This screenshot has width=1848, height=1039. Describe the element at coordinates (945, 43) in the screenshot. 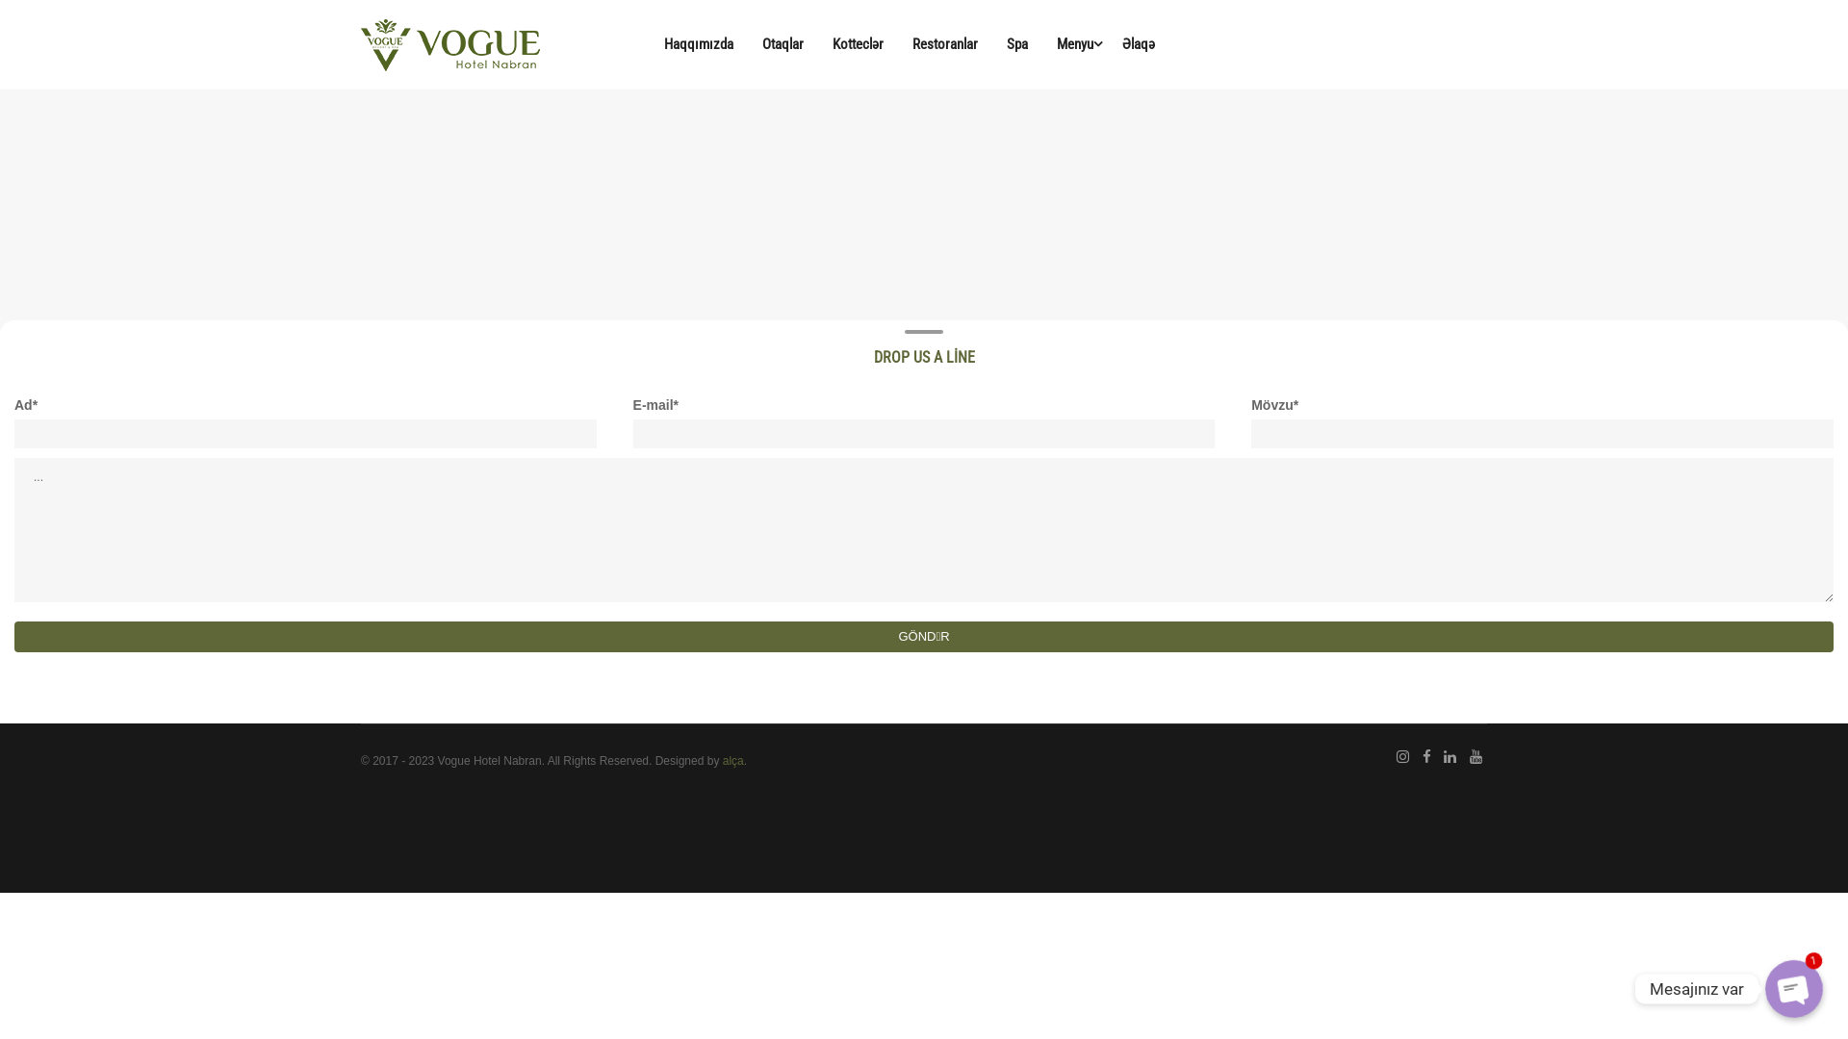

I see `'Restoranlar'` at that location.